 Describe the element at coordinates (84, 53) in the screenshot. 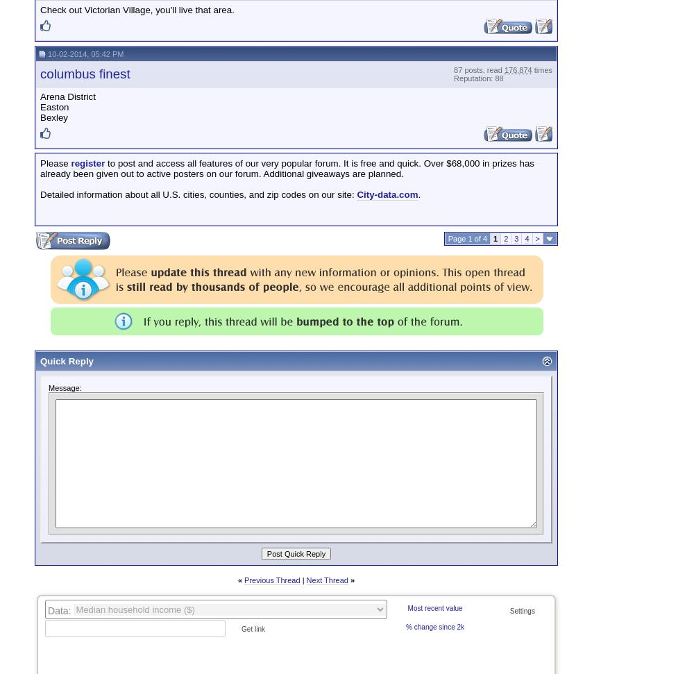

I see `'10-02-2014, 05:42 PM'` at that location.